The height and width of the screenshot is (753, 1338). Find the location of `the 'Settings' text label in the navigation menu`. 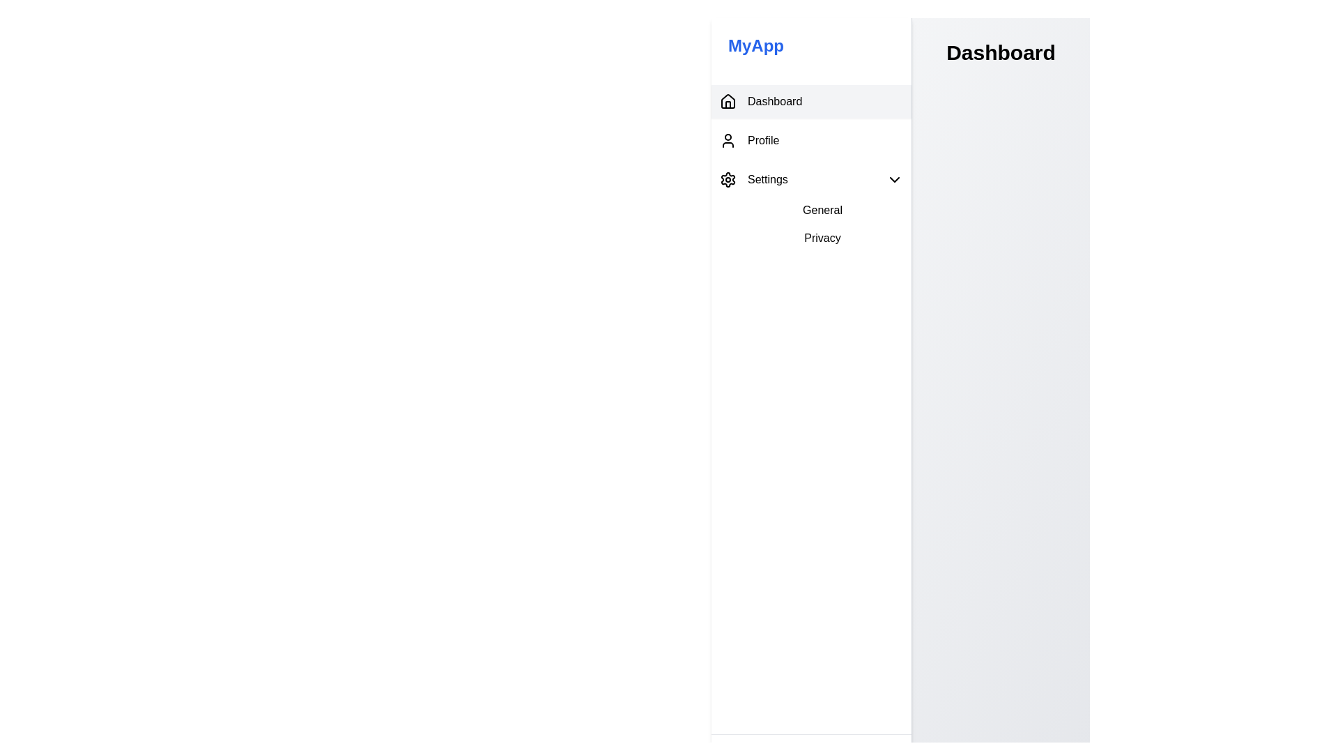

the 'Settings' text label in the navigation menu is located at coordinates (767, 179).